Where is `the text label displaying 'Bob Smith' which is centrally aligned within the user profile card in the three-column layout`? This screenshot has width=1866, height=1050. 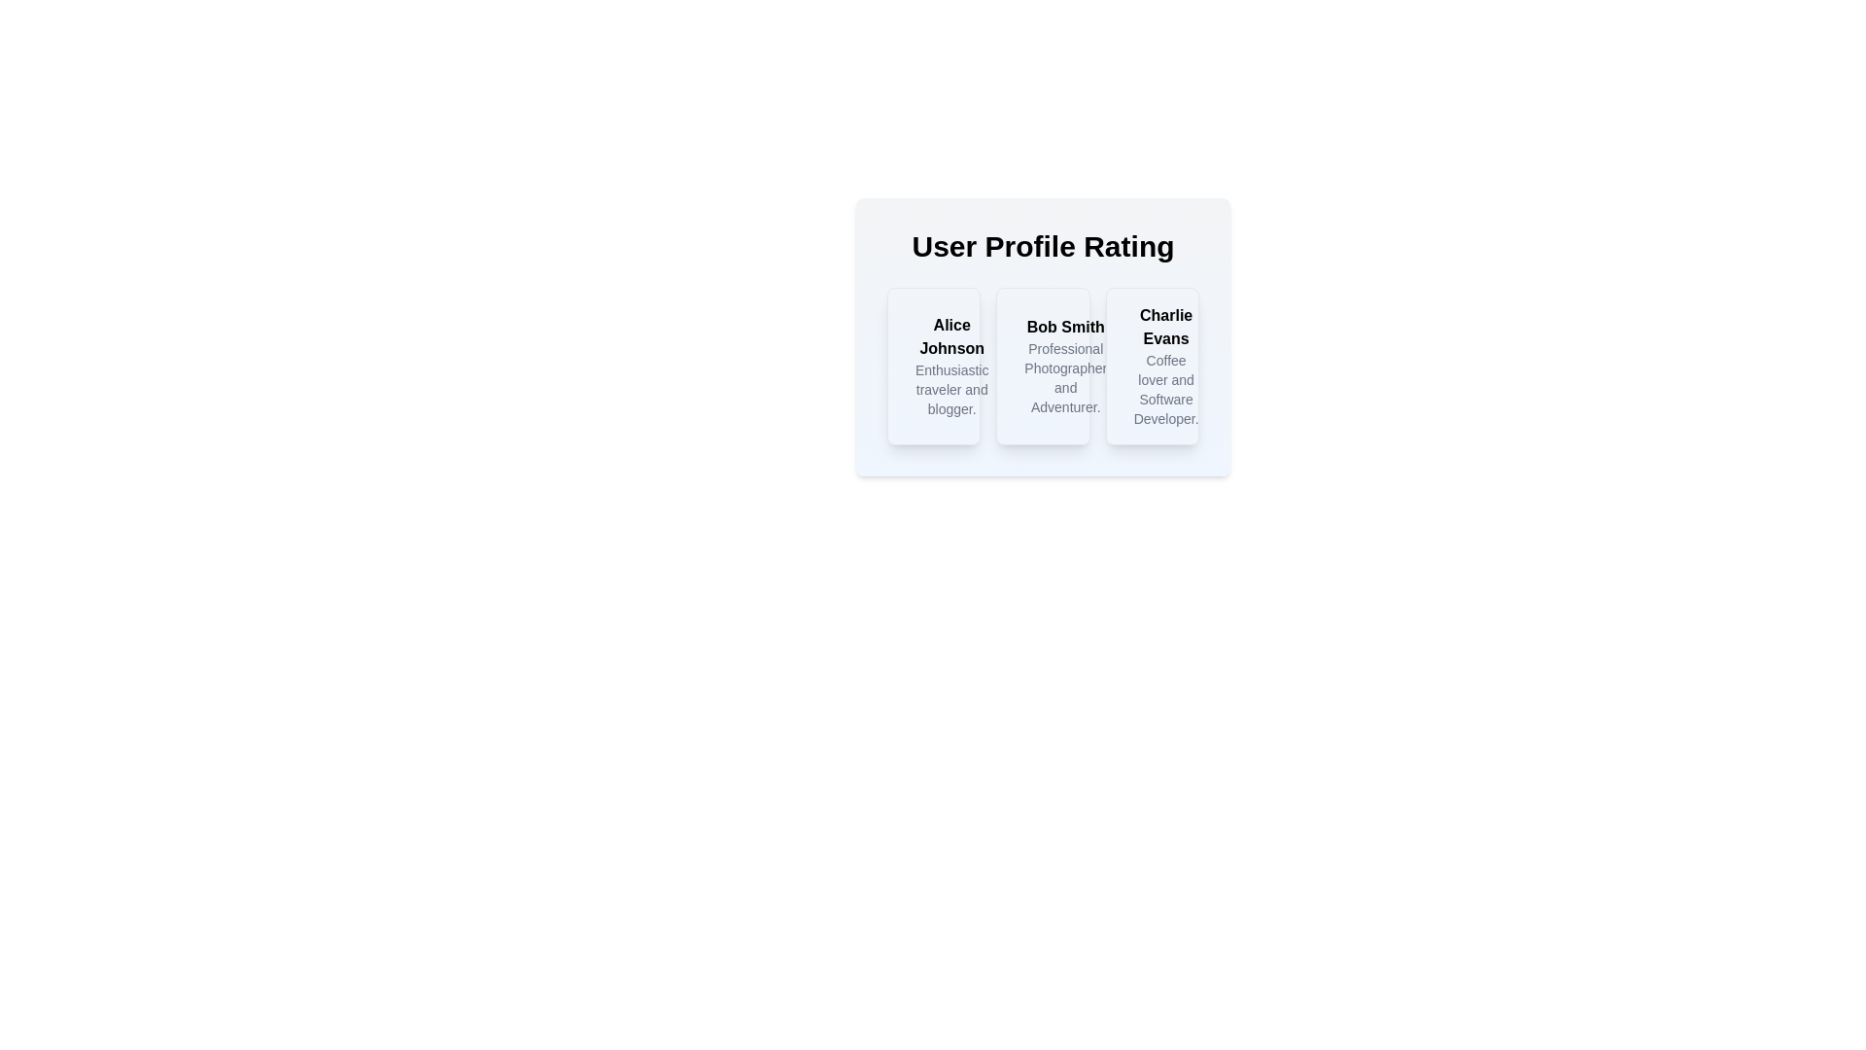 the text label displaying 'Bob Smith' which is centrally aligned within the user profile card in the three-column layout is located at coordinates (1064, 326).